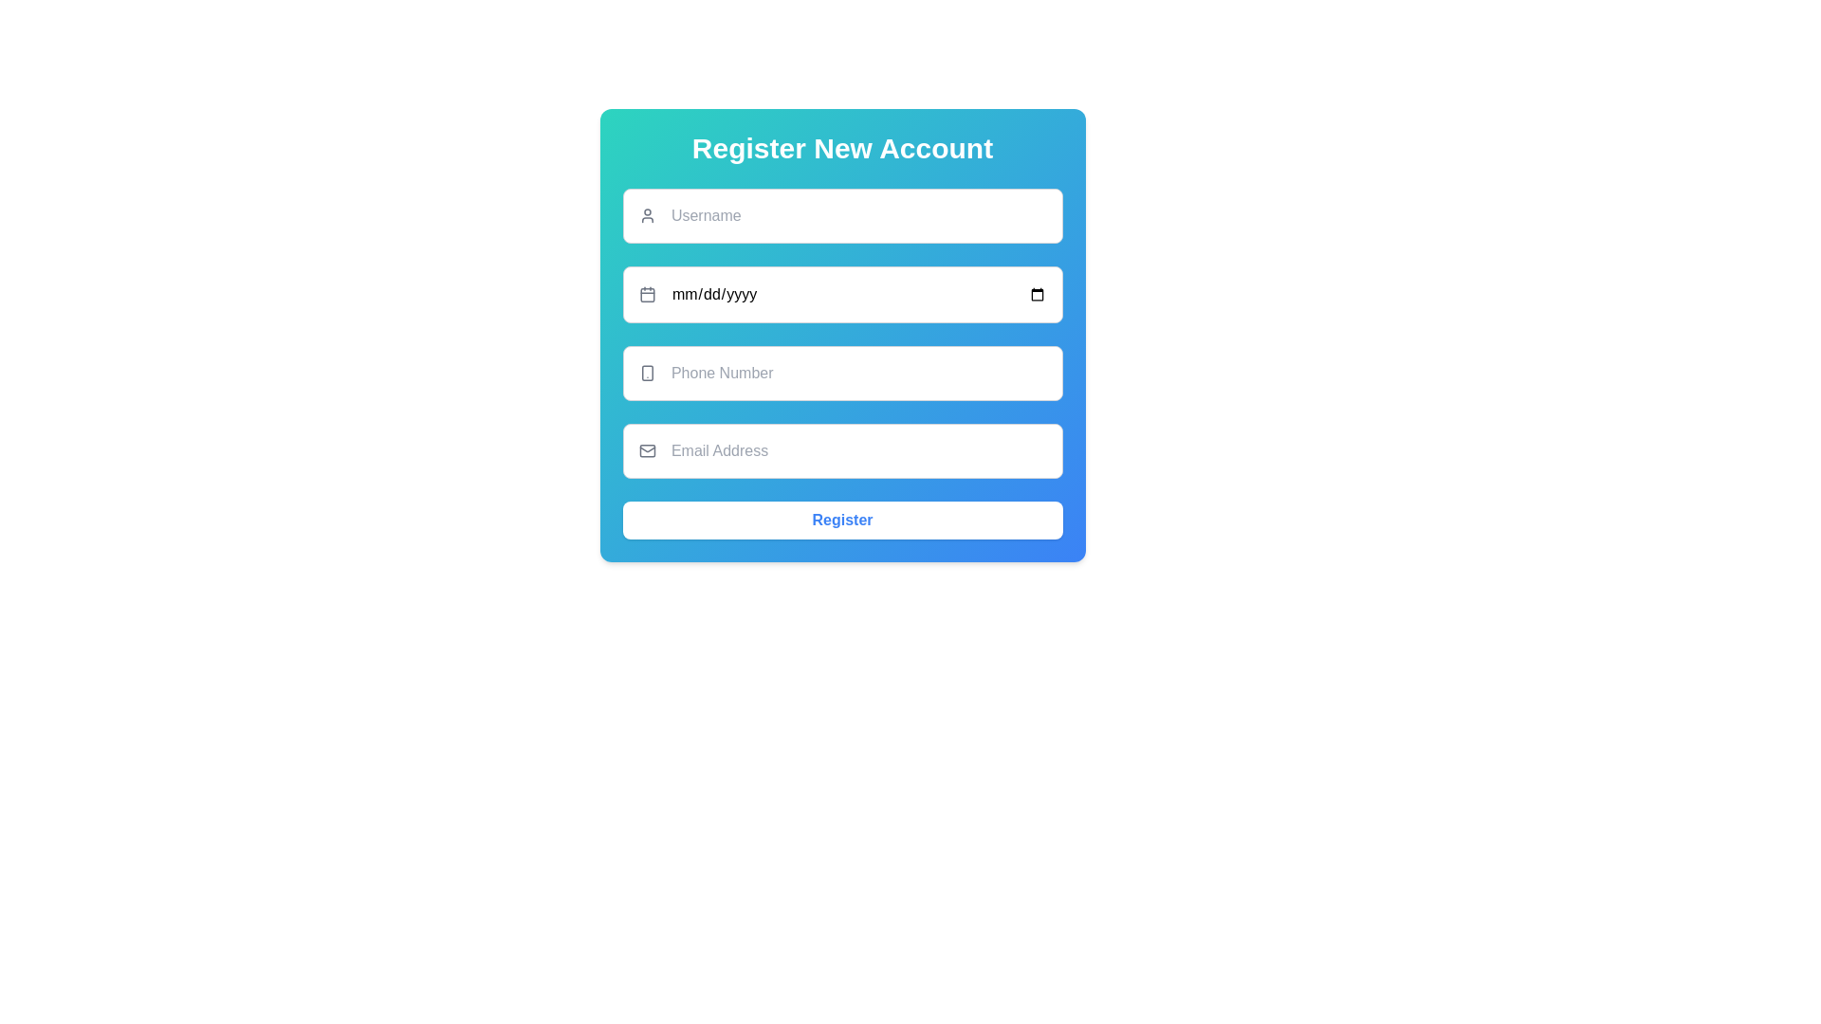 The width and height of the screenshot is (1821, 1024). Describe the element at coordinates (647, 295) in the screenshot. I see `the date picker icon positioned to the left of the 'mm/dd/yyyy' text field in the second input group of the registration form` at that location.